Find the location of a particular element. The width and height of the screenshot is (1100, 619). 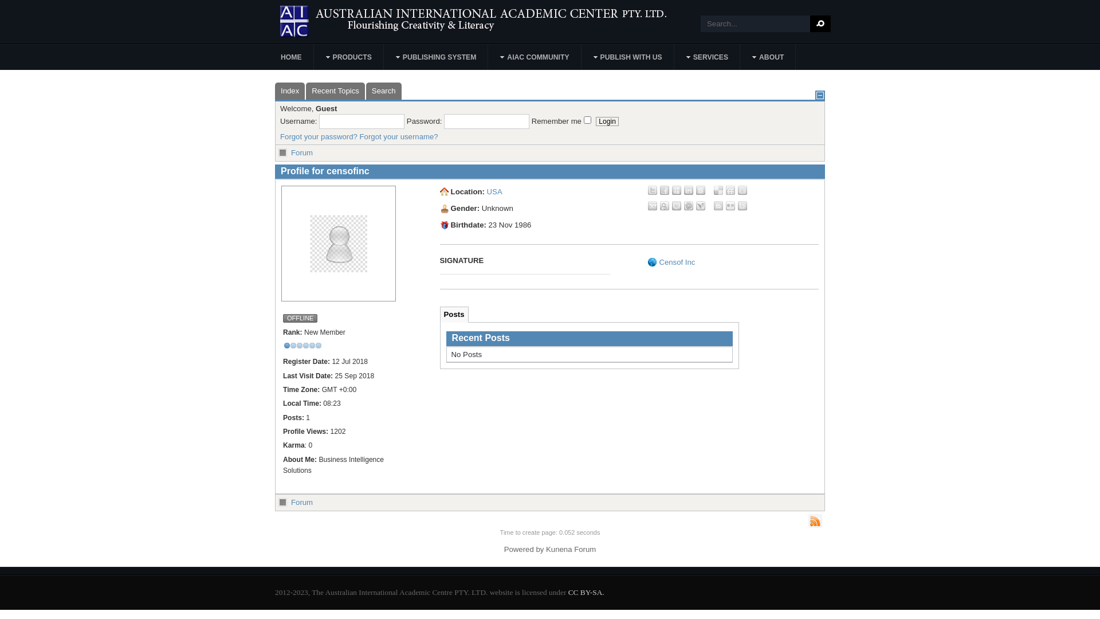

'ABOUT' is located at coordinates (768, 57).